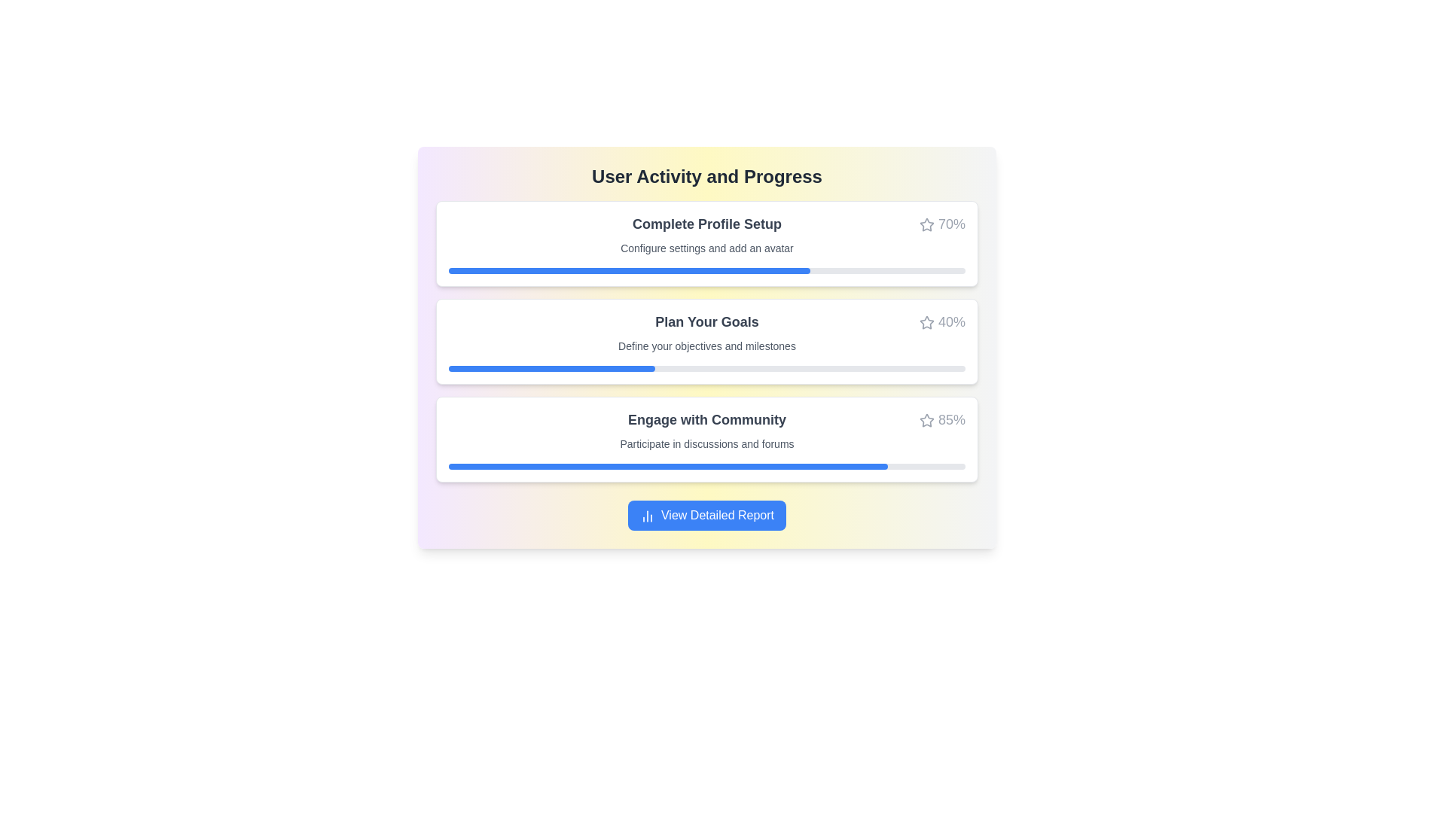 This screenshot has width=1446, height=813. What do you see at coordinates (706, 515) in the screenshot?
I see `the rectangular blue button labeled 'View Detailed Report' that features a bar chart icon` at bounding box center [706, 515].